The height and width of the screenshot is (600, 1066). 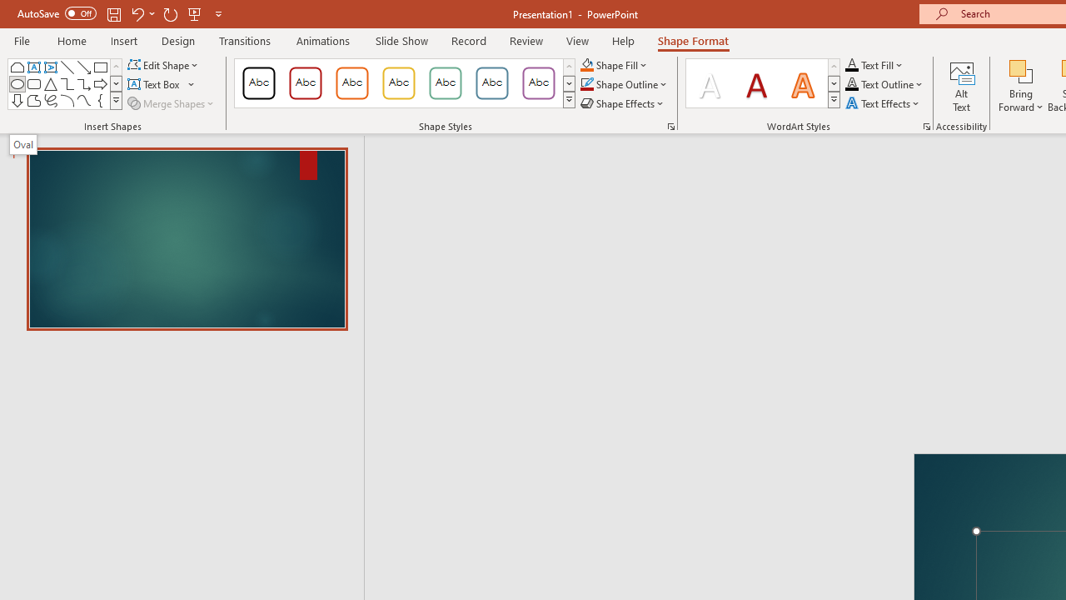 I want to click on 'Arc', so click(x=67, y=100).